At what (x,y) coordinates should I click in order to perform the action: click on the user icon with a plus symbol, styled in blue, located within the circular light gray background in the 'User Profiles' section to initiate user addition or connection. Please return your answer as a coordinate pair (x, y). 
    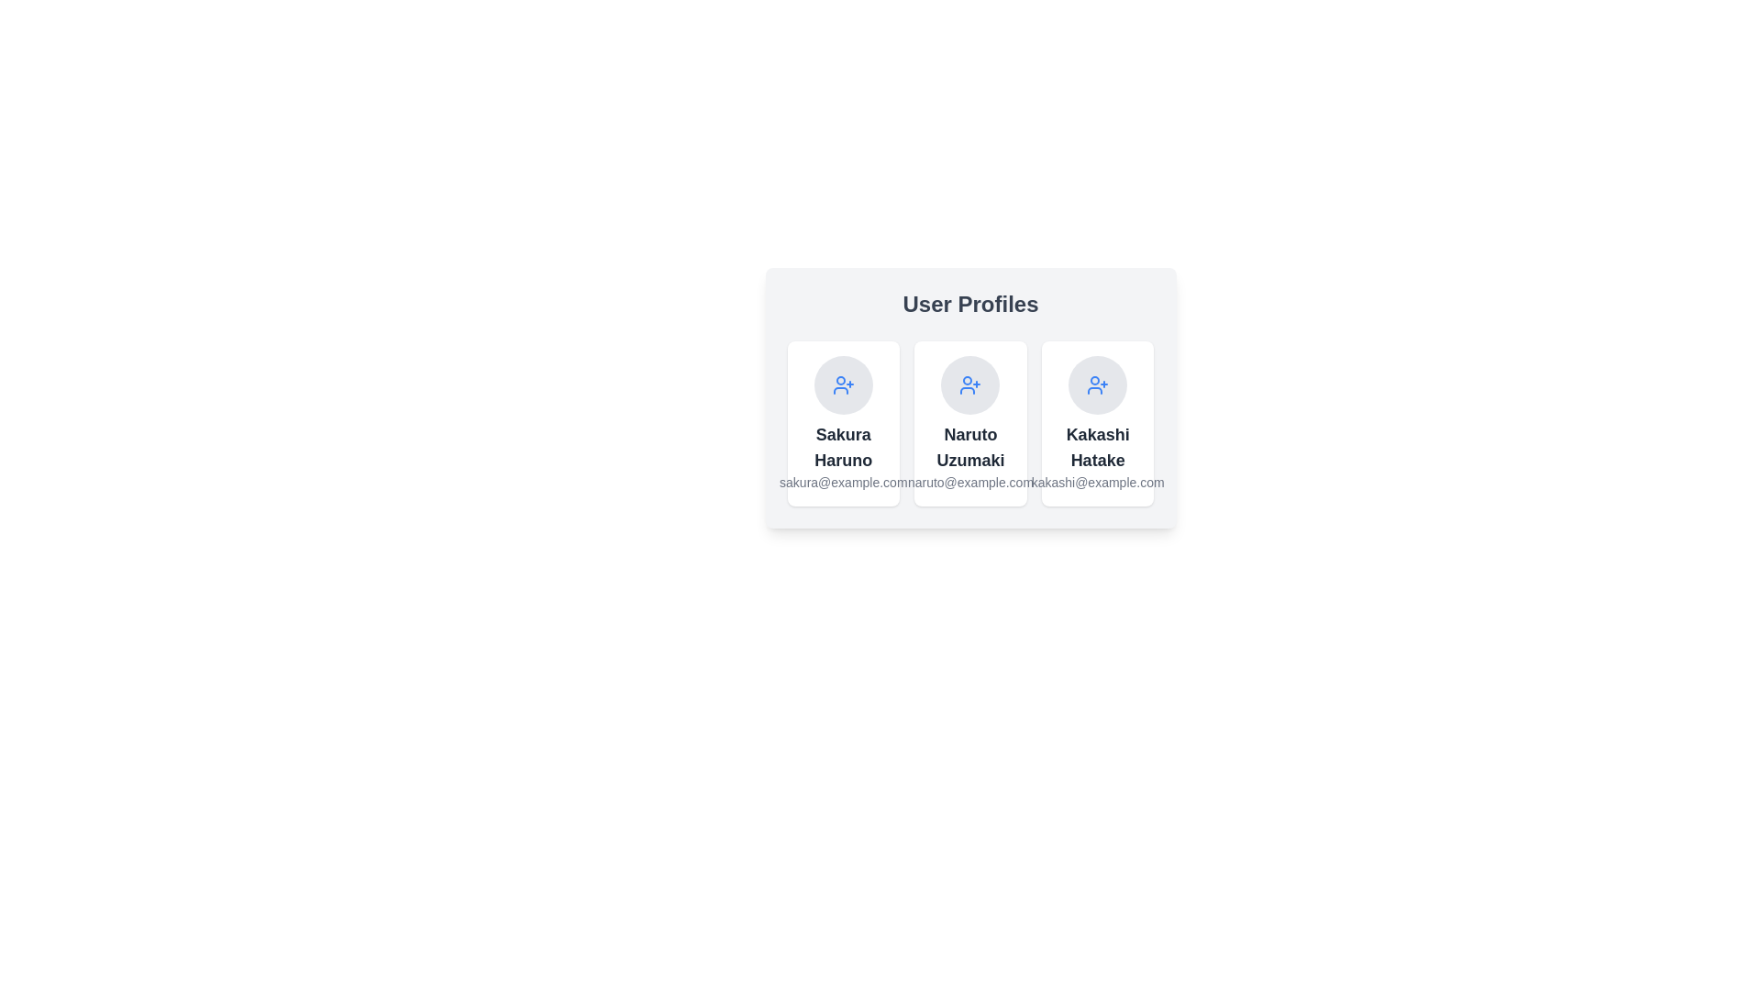
    Looking at the image, I should click on (969, 384).